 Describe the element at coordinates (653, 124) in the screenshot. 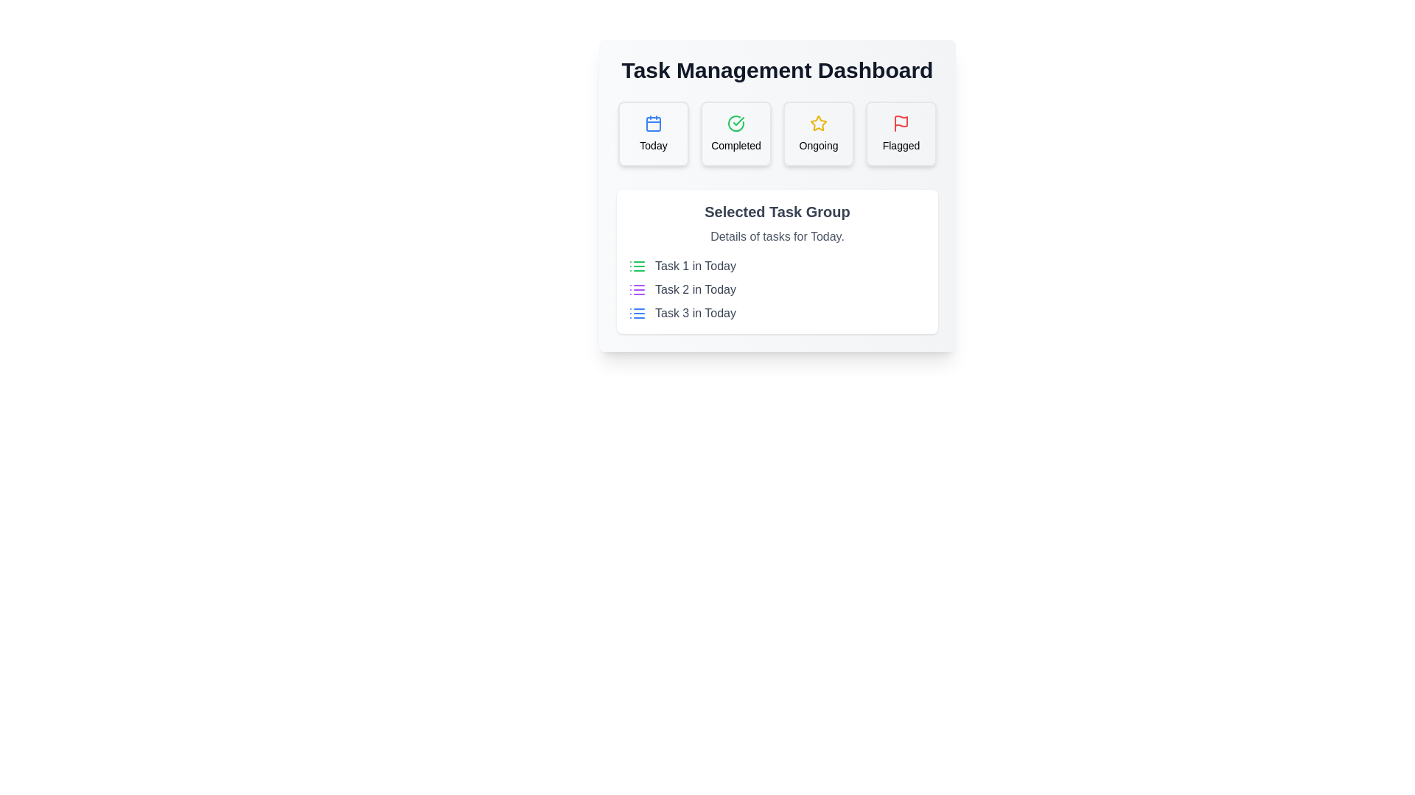

I see `the decorative shape within the calendar icon, which is the inner rectangle in the first position of the row of icons beneath the 'Task Management Dashboard' title` at that location.